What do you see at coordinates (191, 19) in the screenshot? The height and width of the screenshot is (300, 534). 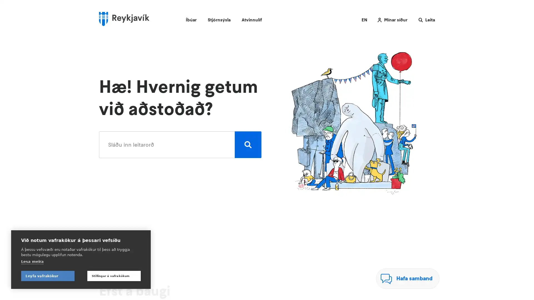 I see `Ibuar` at bounding box center [191, 19].